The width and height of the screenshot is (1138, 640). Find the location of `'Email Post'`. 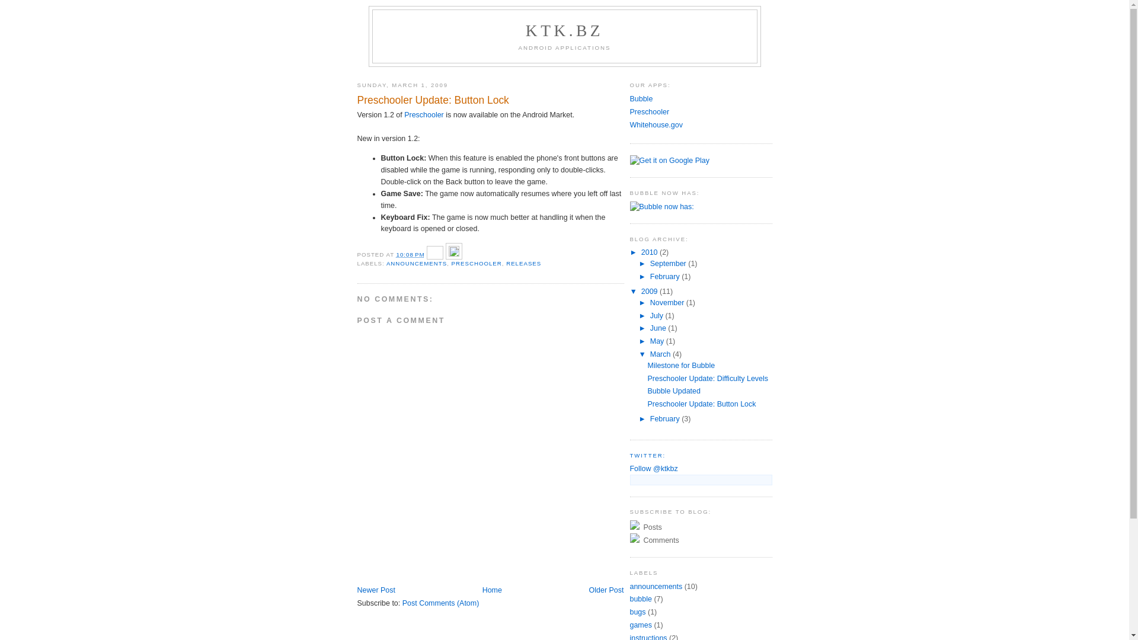

'Email Post' is located at coordinates (435, 254).